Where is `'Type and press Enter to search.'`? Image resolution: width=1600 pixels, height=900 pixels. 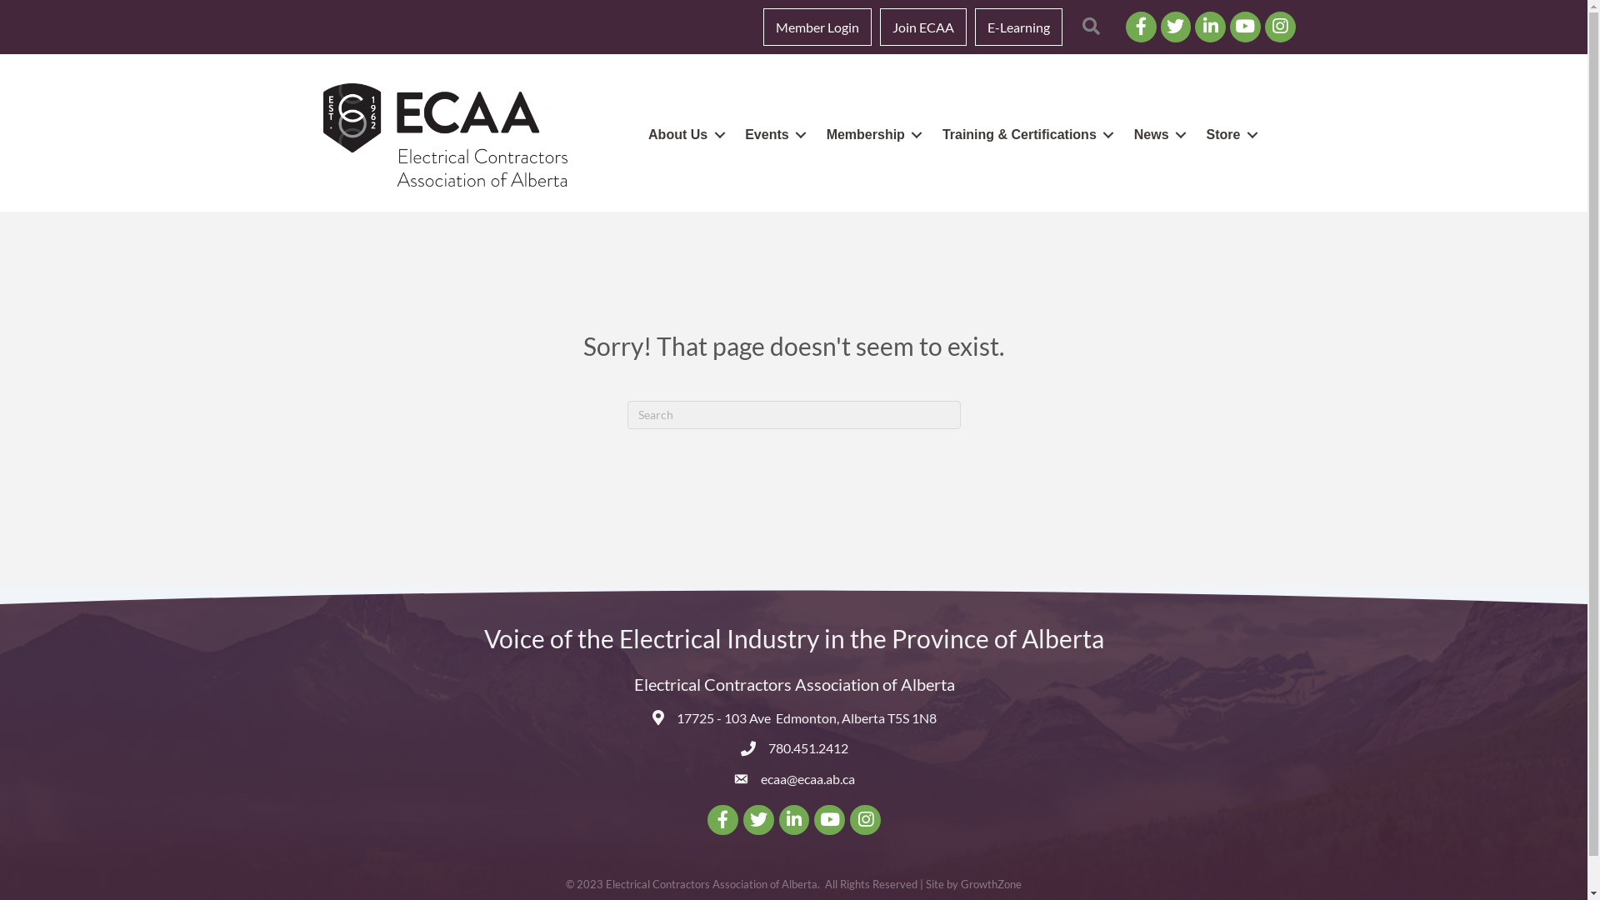
'Type and press Enter to search.' is located at coordinates (792, 413).